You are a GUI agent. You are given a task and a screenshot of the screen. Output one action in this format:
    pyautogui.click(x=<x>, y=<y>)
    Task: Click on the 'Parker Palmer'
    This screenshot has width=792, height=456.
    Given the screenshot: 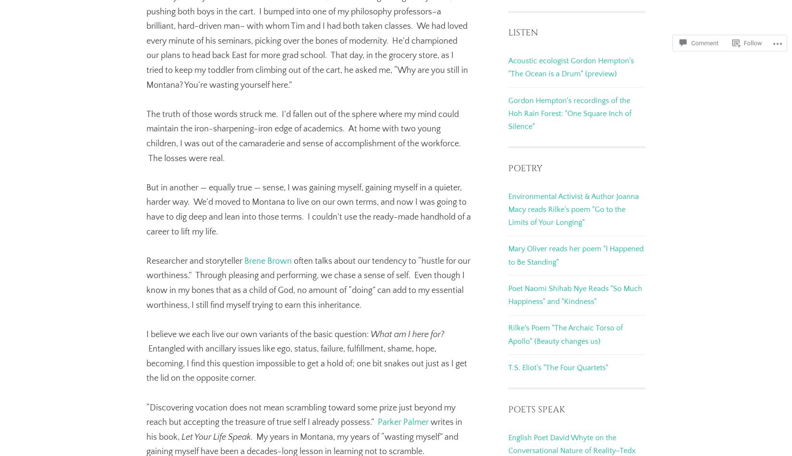 What is the action you would take?
    pyautogui.click(x=403, y=422)
    